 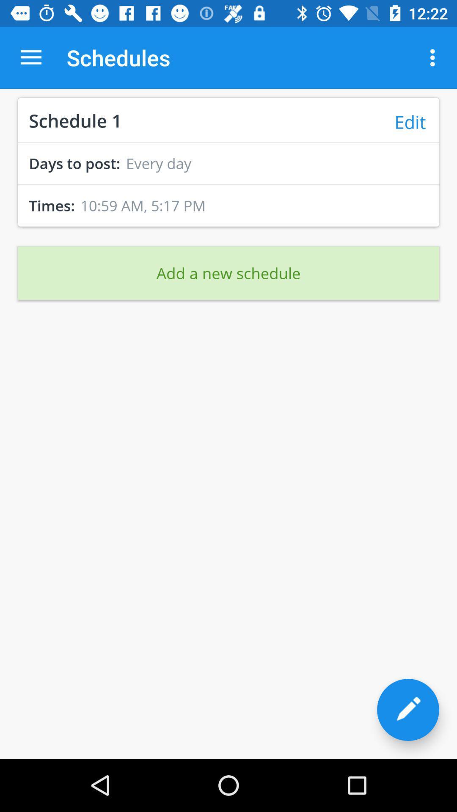 I want to click on the icon to the left of edit item, so click(x=75, y=119).